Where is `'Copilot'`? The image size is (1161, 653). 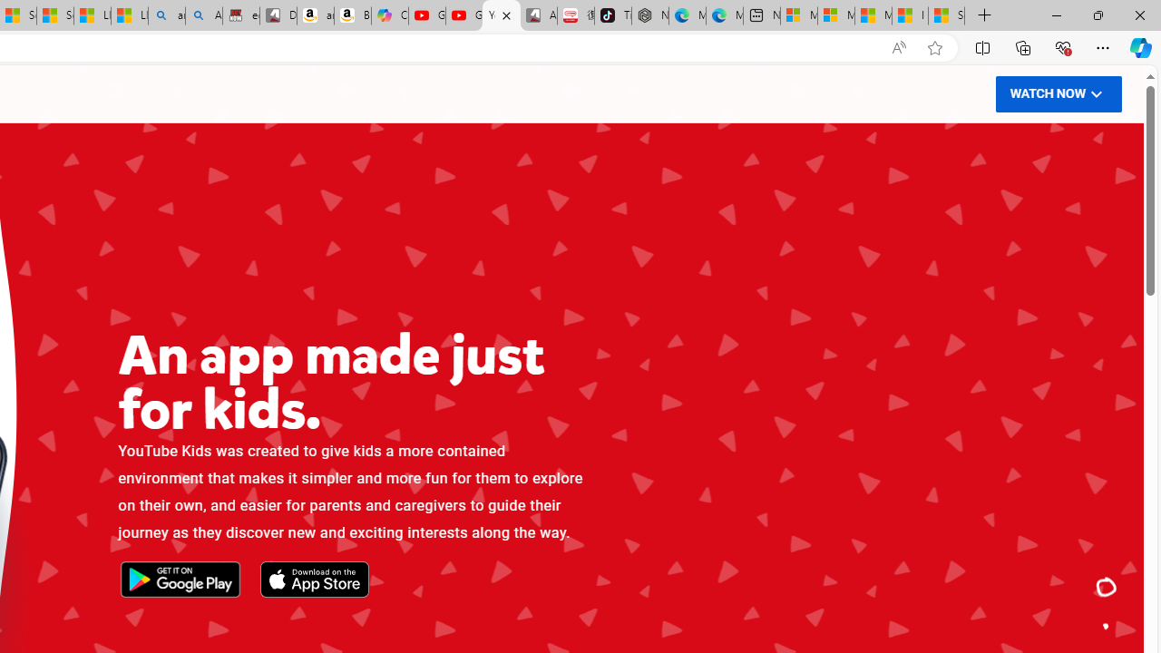 'Copilot' is located at coordinates (389, 15).